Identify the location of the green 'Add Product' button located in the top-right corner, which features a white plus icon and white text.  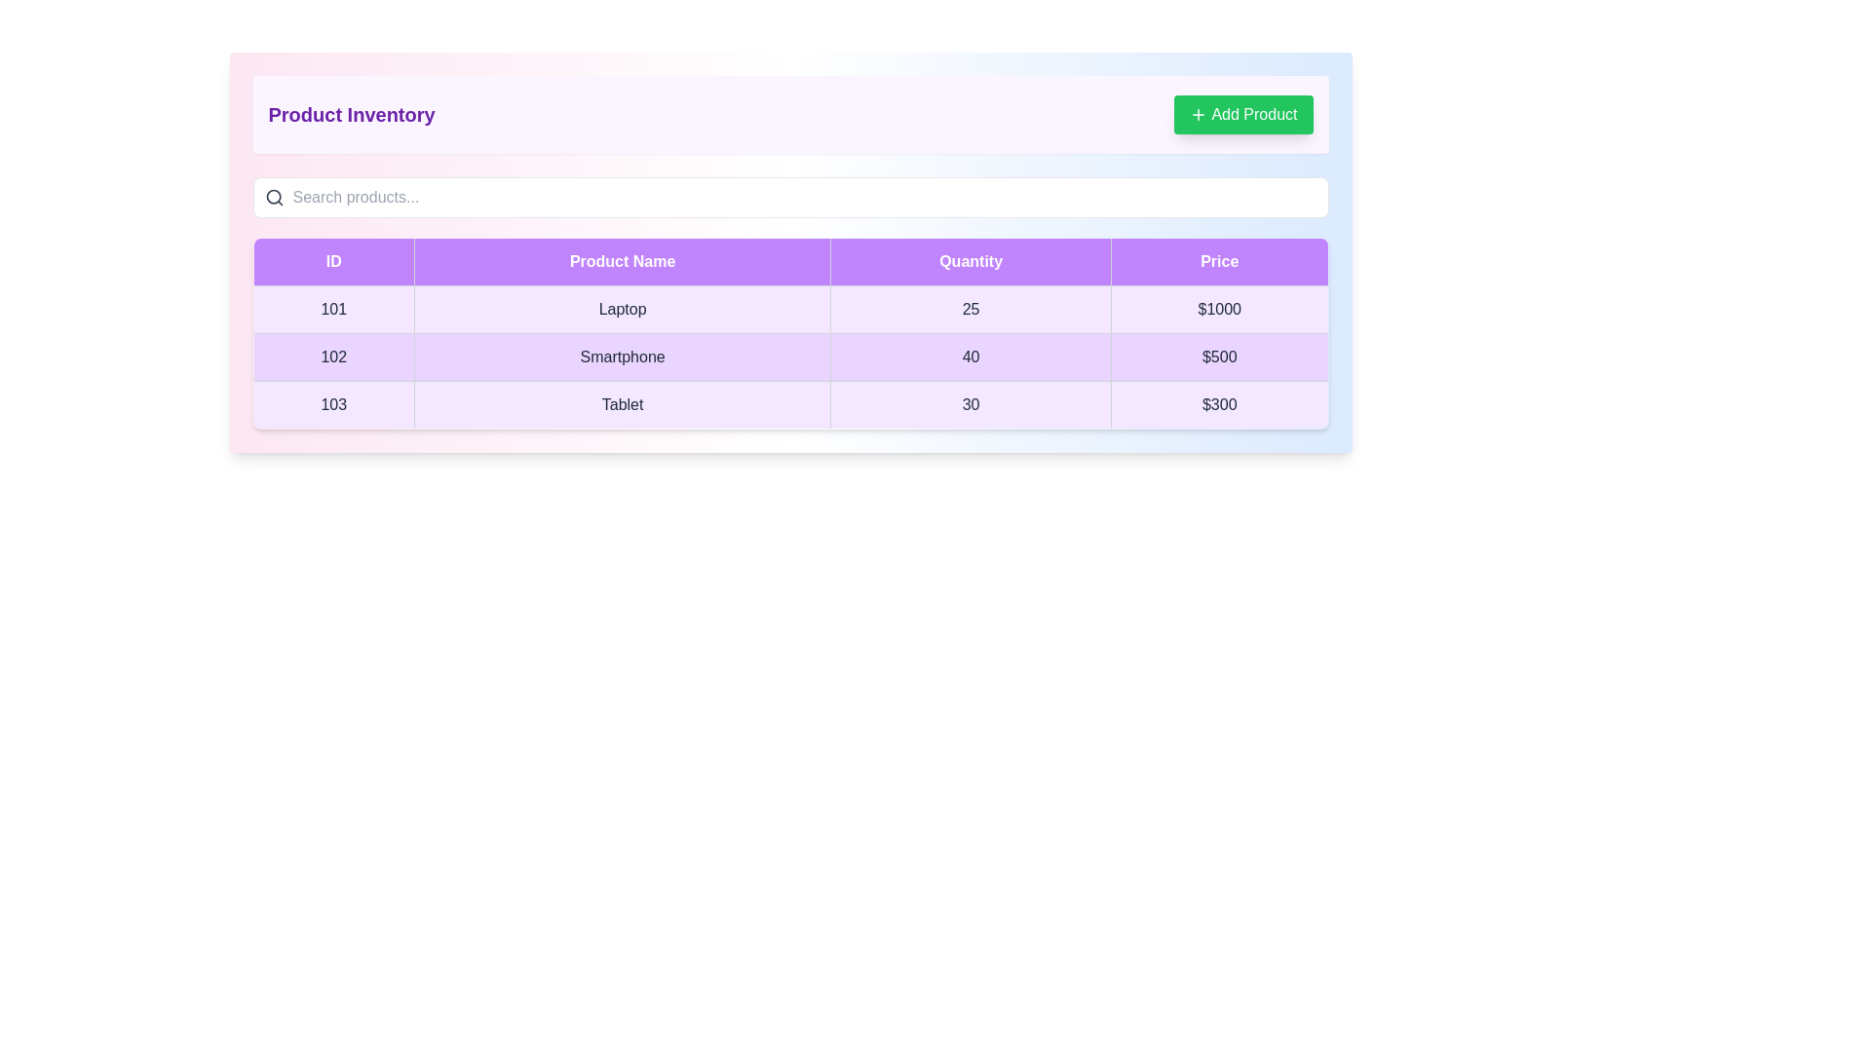
(1242, 115).